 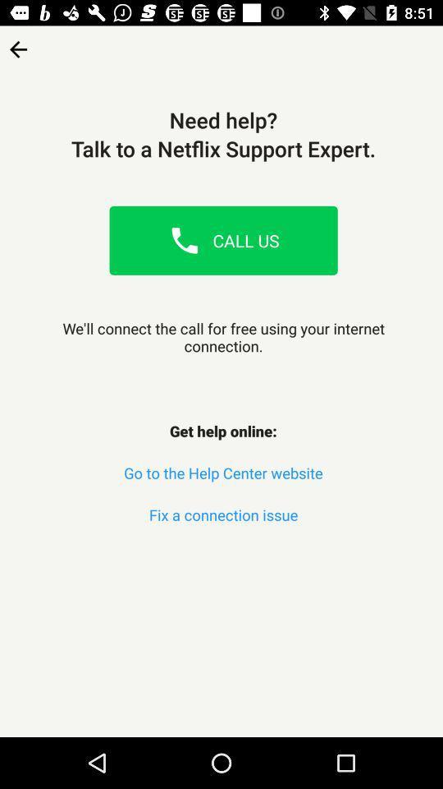 I want to click on icon above we ll connect icon, so click(x=17, y=43).